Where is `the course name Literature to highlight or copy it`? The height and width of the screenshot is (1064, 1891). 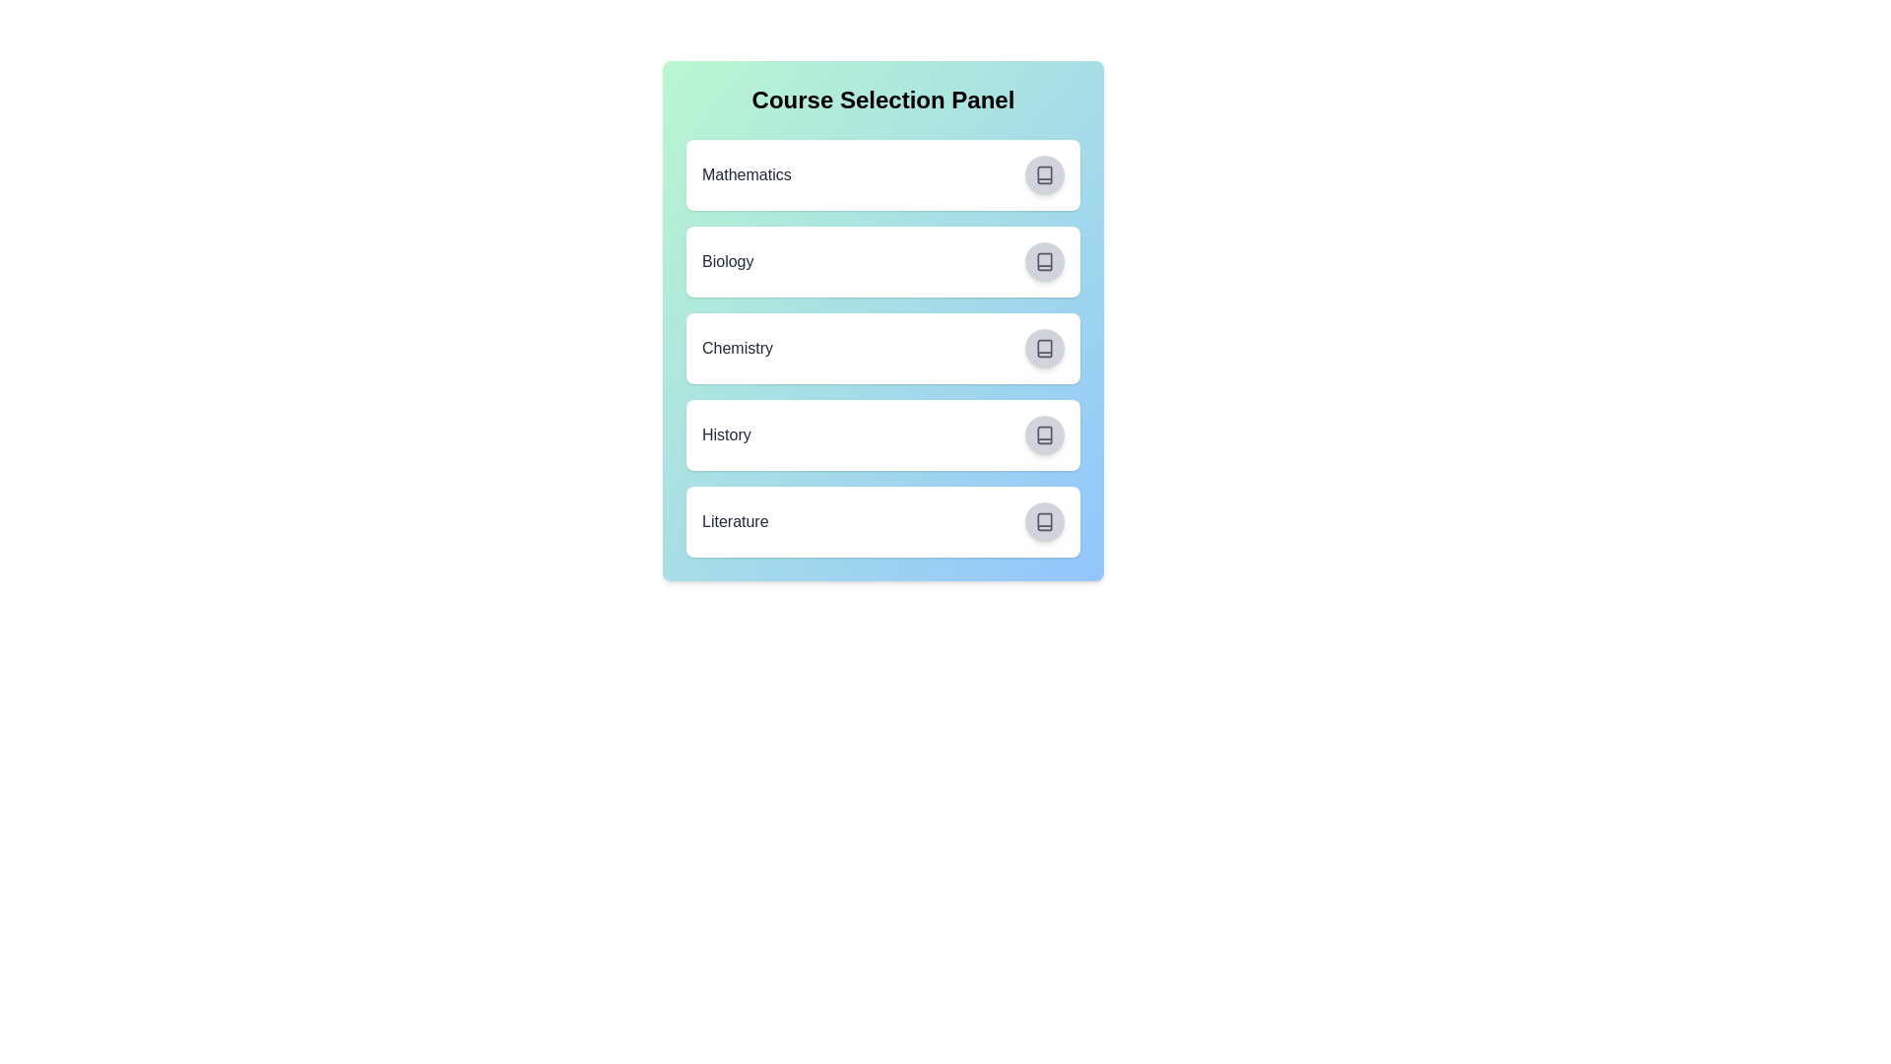 the course name Literature to highlight or copy it is located at coordinates (733, 520).